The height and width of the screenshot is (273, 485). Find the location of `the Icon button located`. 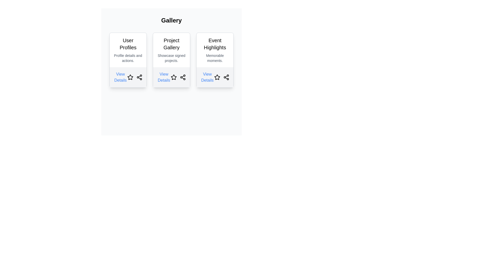

the Icon button located is located at coordinates (217, 77).